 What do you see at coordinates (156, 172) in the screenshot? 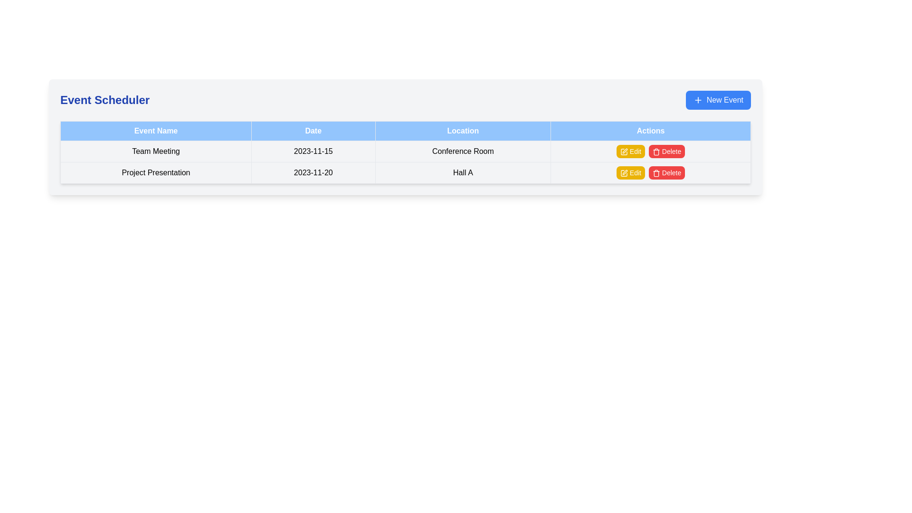
I see `the 'Project Presentation' text label located in the second row of the table under the 'Event Name' column` at bounding box center [156, 172].